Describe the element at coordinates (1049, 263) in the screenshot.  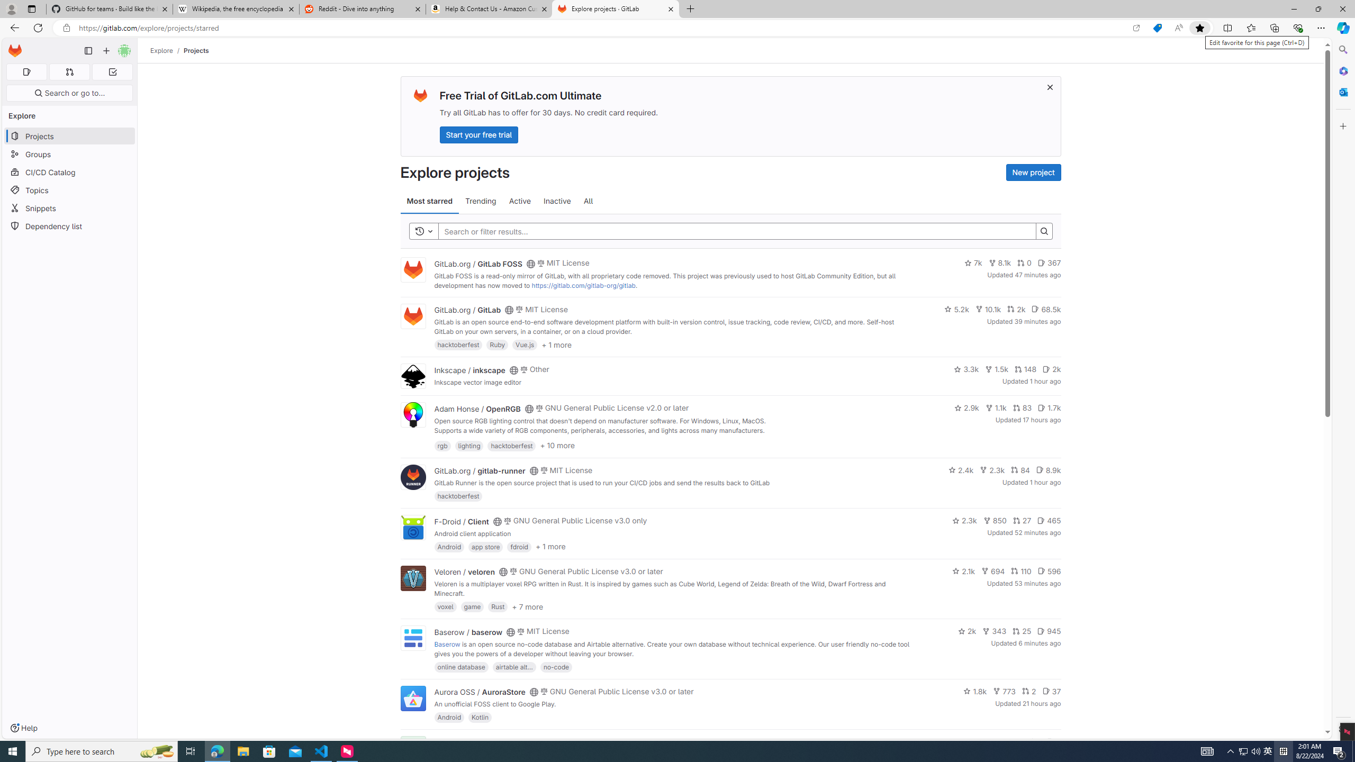
I see `'367'` at that location.